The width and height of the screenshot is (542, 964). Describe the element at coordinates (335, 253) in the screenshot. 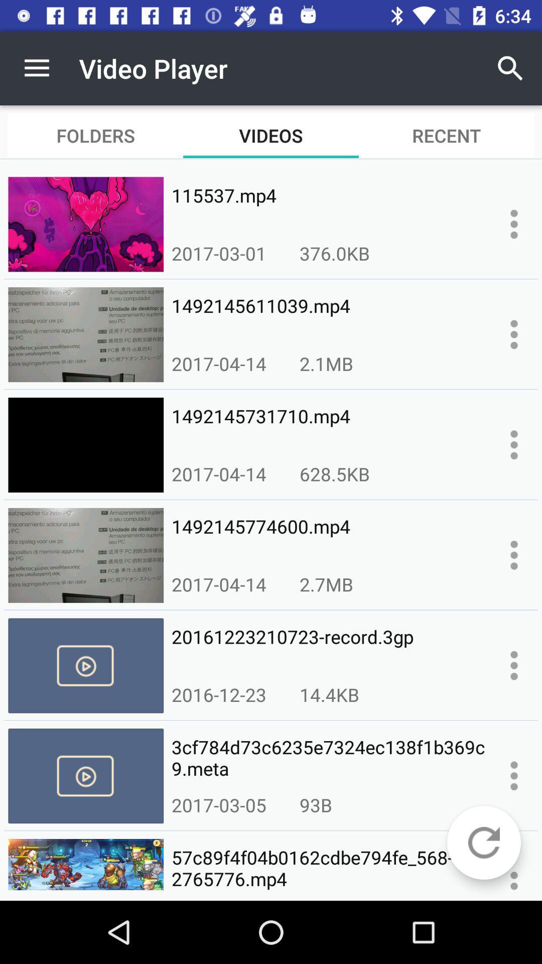

I see `the icon below the 115537.mp4 icon` at that location.